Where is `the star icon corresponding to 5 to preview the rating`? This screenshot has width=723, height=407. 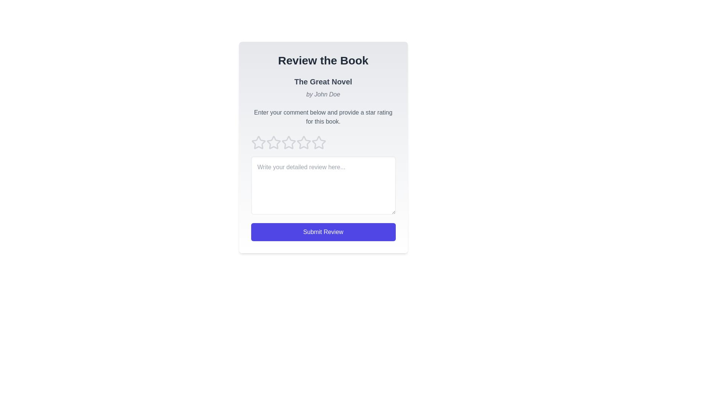 the star icon corresponding to 5 to preview the rating is located at coordinates (319, 142).